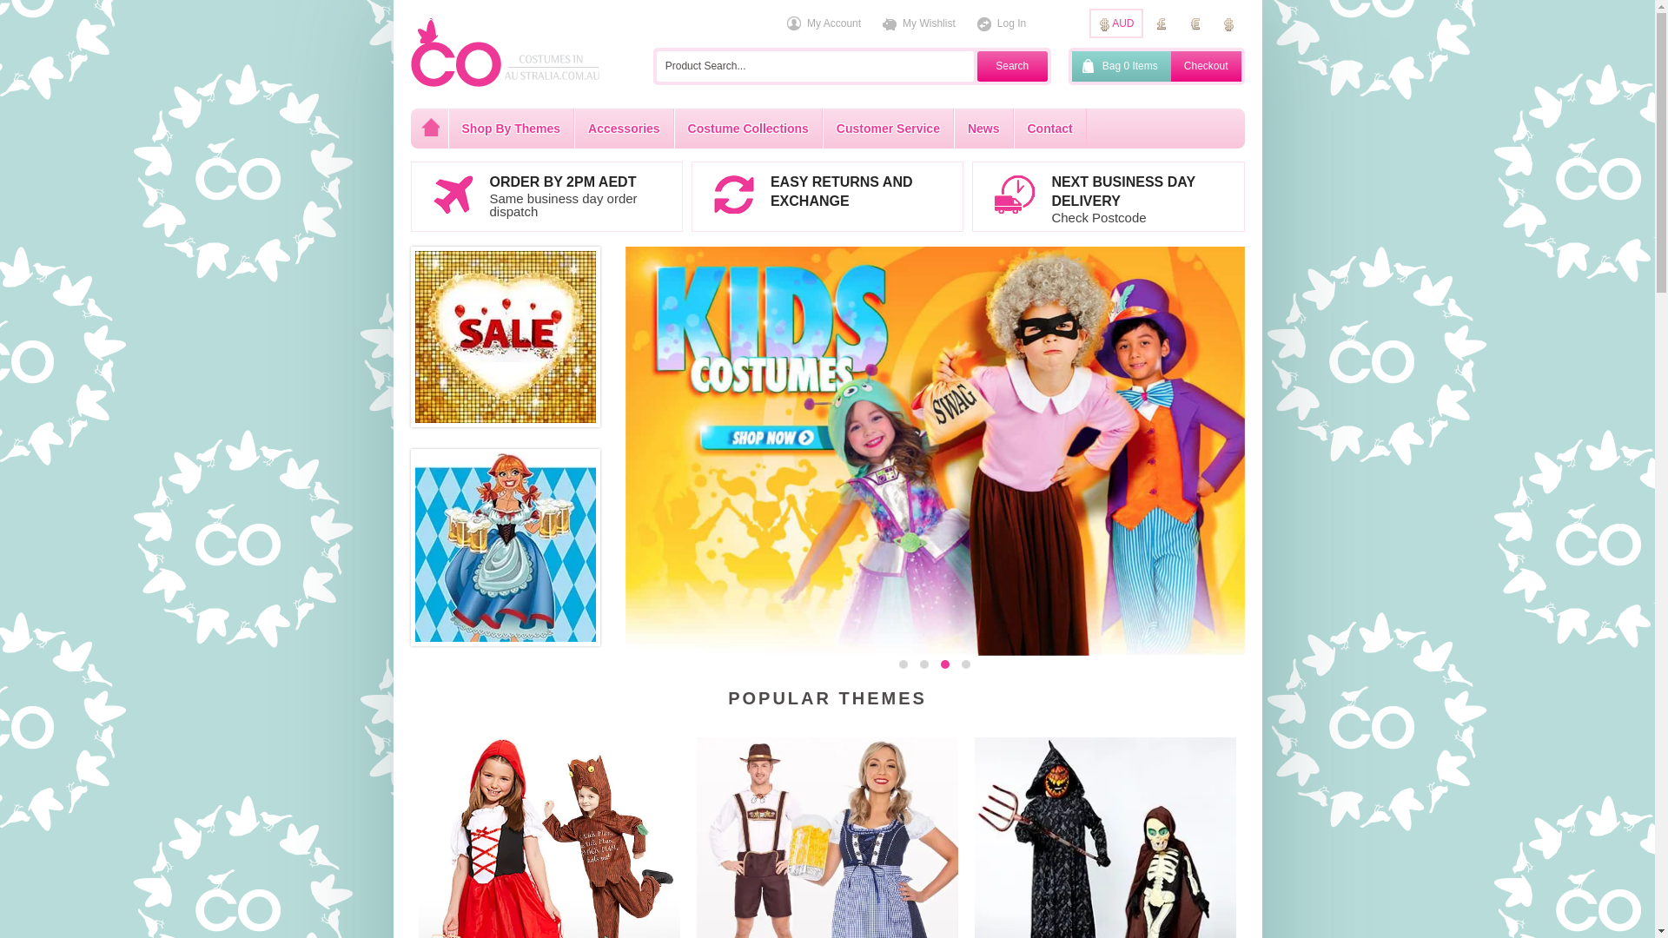 This screenshot has width=1668, height=938. What do you see at coordinates (821, 127) in the screenshot?
I see `'Customer Service'` at bounding box center [821, 127].